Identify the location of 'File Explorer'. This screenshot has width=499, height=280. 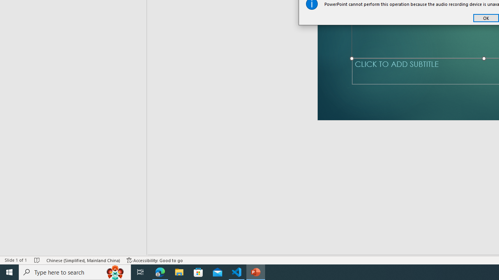
(179, 271).